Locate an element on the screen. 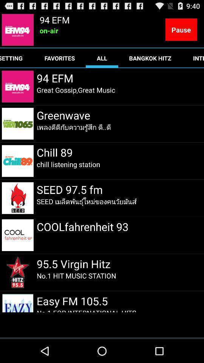 The image size is (204, 363). favorites is located at coordinates (59, 57).